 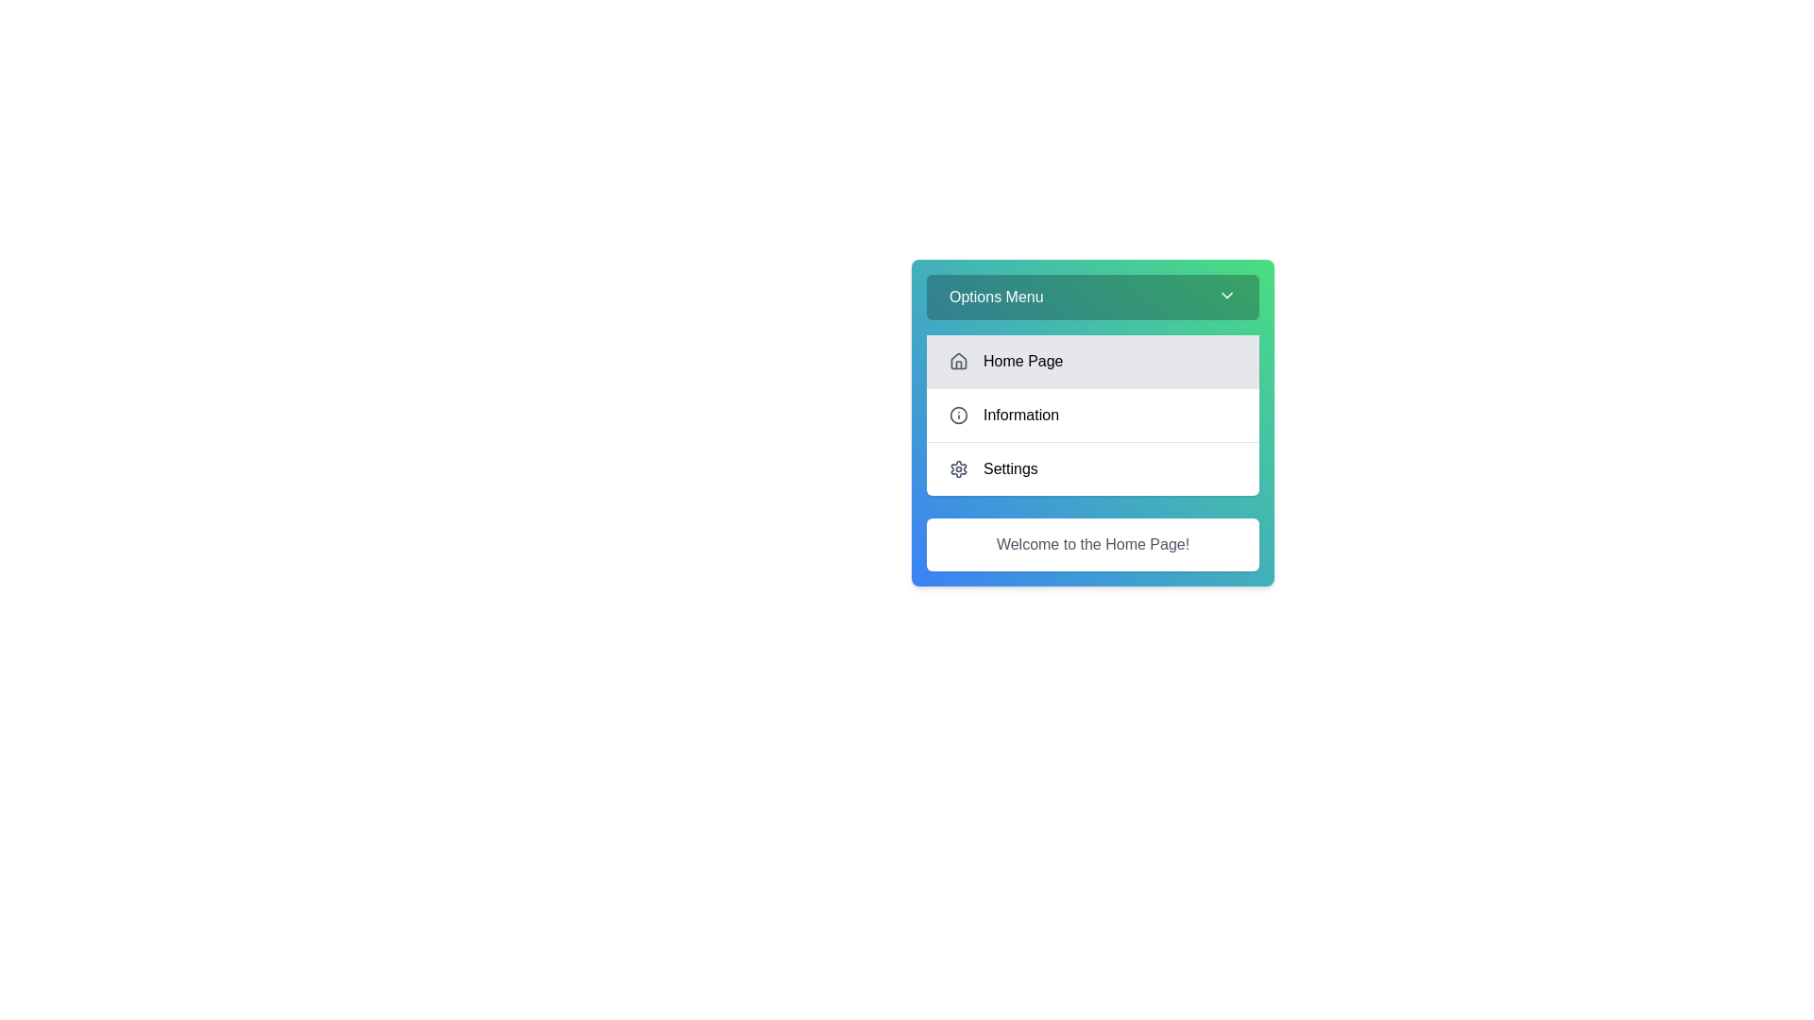 I want to click on the circular information icon with a light gray border and white fill, which is positioned to the left of the 'Information' text in the menu options, so click(x=958, y=414).